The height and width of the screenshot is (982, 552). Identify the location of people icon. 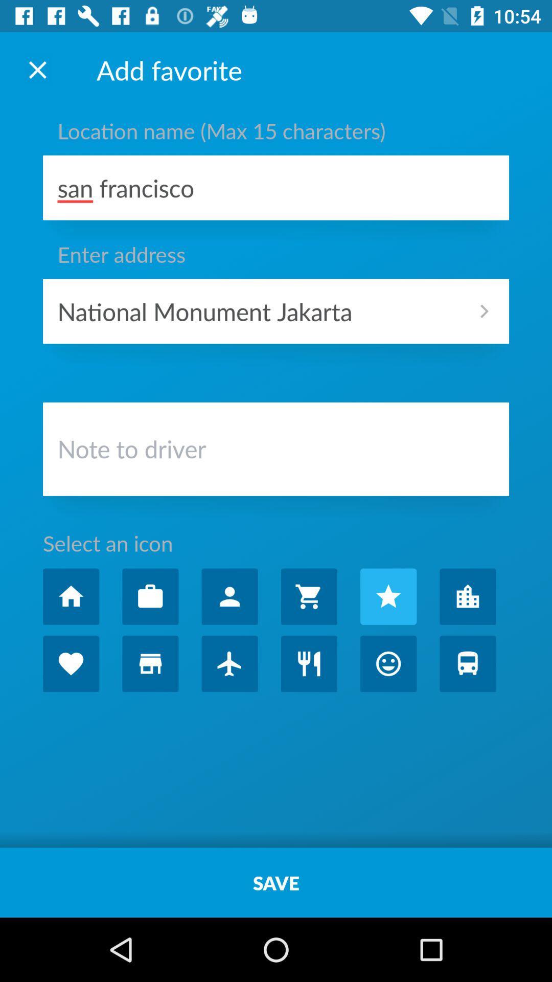
(229, 596).